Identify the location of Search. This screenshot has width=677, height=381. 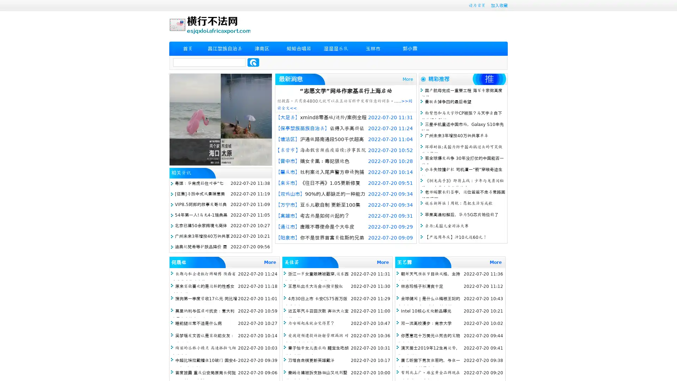
(253, 62).